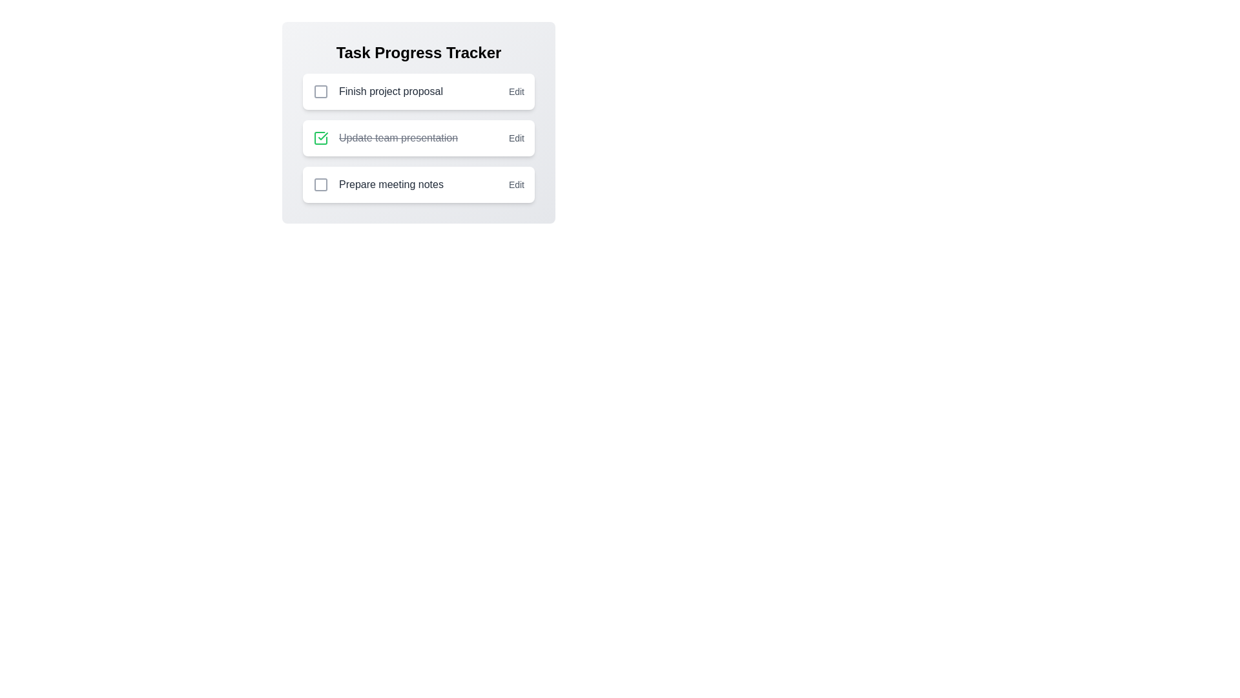 This screenshot has height=698, width=1240. What do you see at coordinates (515, 184) in the screenshot?
I see `the 'Edit' button for the task 'Prepare meeting notes'` at bounding box center [515, 184].